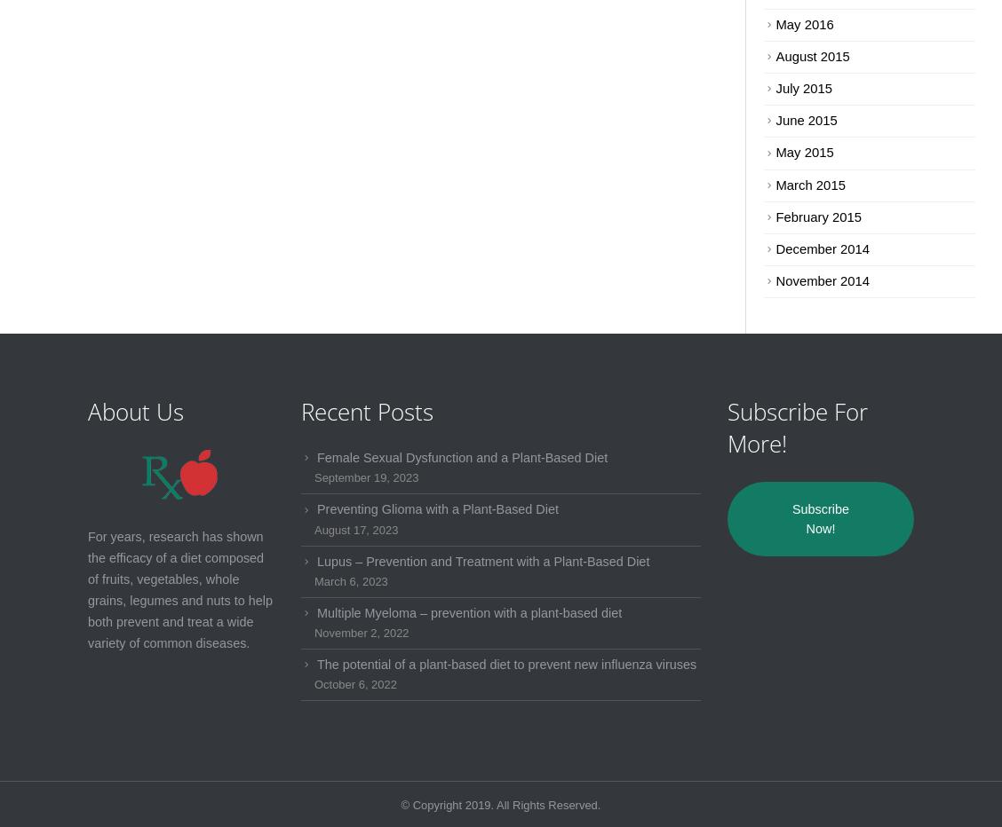 This screenshot has width=1002, height=827. I want to click on 'The potential of a plant-based diet to prevent new influenza viruses', so click(505, 663).